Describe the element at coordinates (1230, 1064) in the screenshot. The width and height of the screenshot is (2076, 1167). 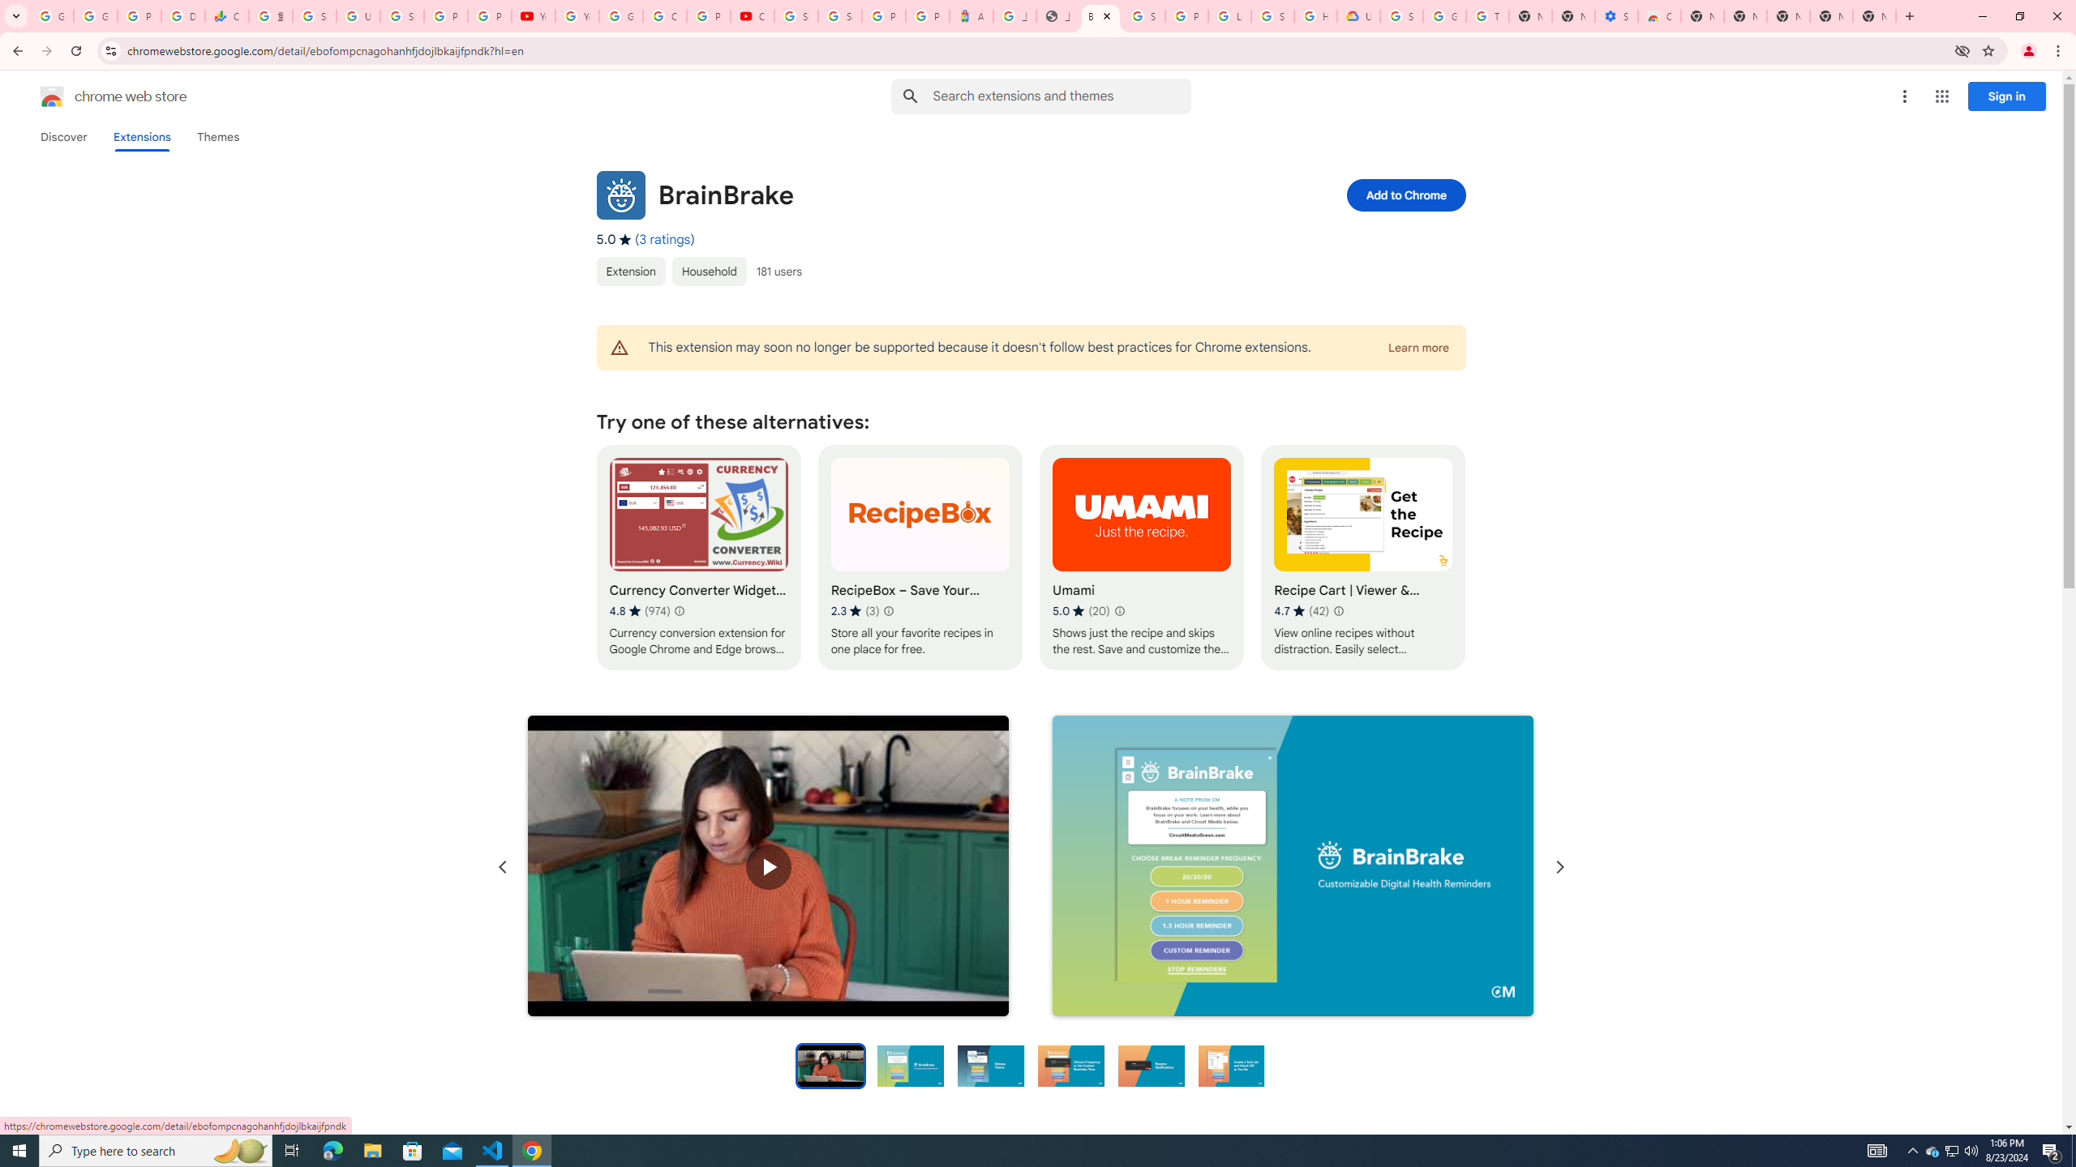
I see `'Preview slide 6'` at that location.